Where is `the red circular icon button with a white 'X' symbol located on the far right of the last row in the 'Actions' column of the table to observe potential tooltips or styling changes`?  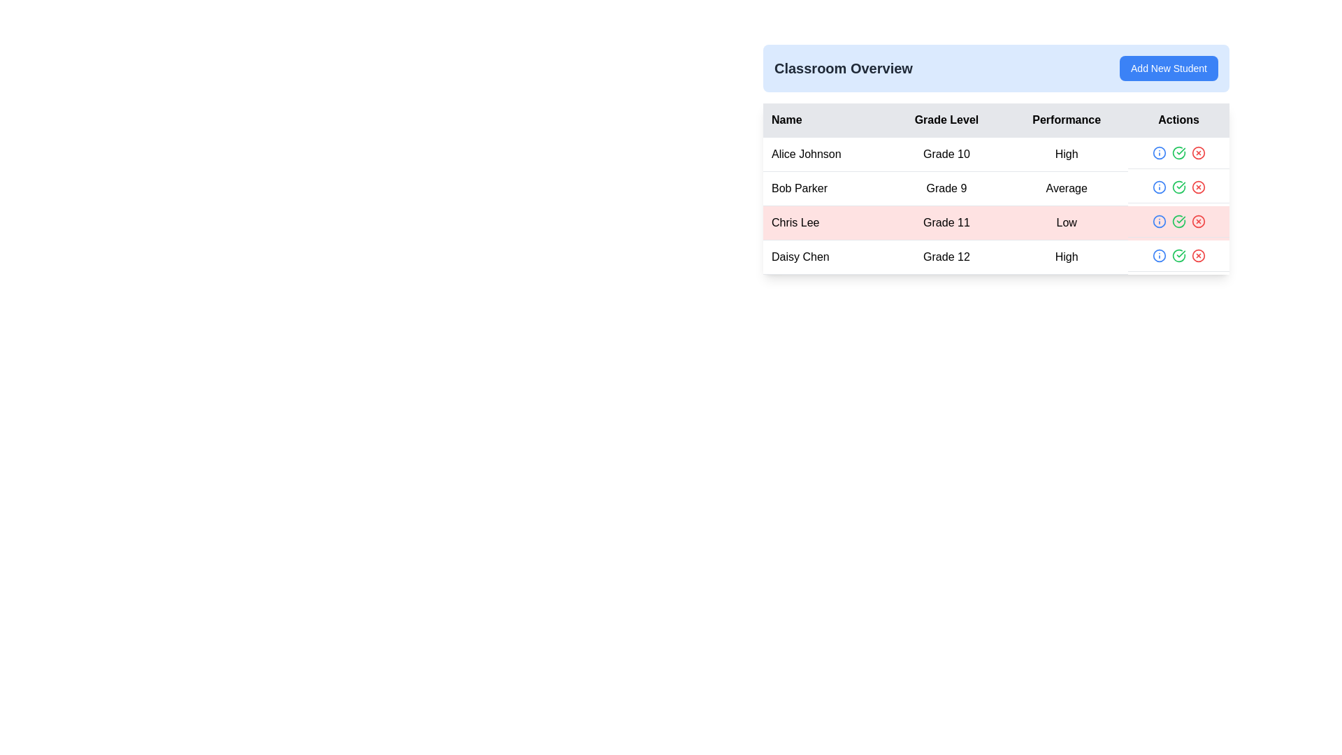 the red circular icon button with a white 'X' symbol located on the far right of the last row in the 'Actions' column of the table to observe potential tooltips or styling changes is located at coordinates (1197, 255).